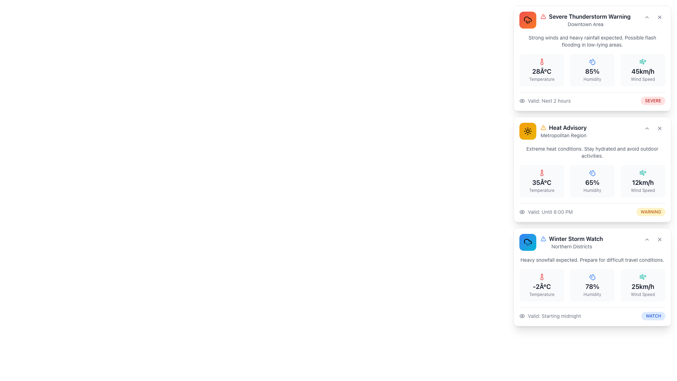  What do you see at coordinates (563, 128) in the screenshot?
I see `the 'Heat Advisory' title element with the amber triangular warning icon, which is the first item in the weather advisory block` at bounding box center [563, 128].